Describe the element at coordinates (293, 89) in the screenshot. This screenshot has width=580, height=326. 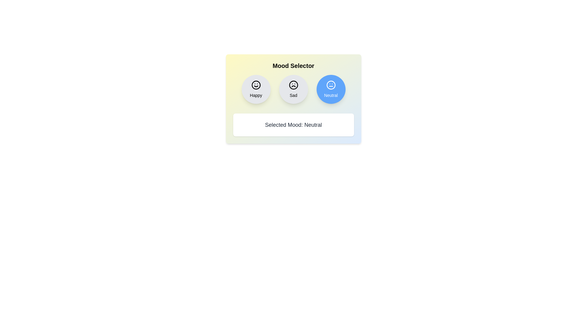
I see `the mood button corresponding to Sad` at that location.